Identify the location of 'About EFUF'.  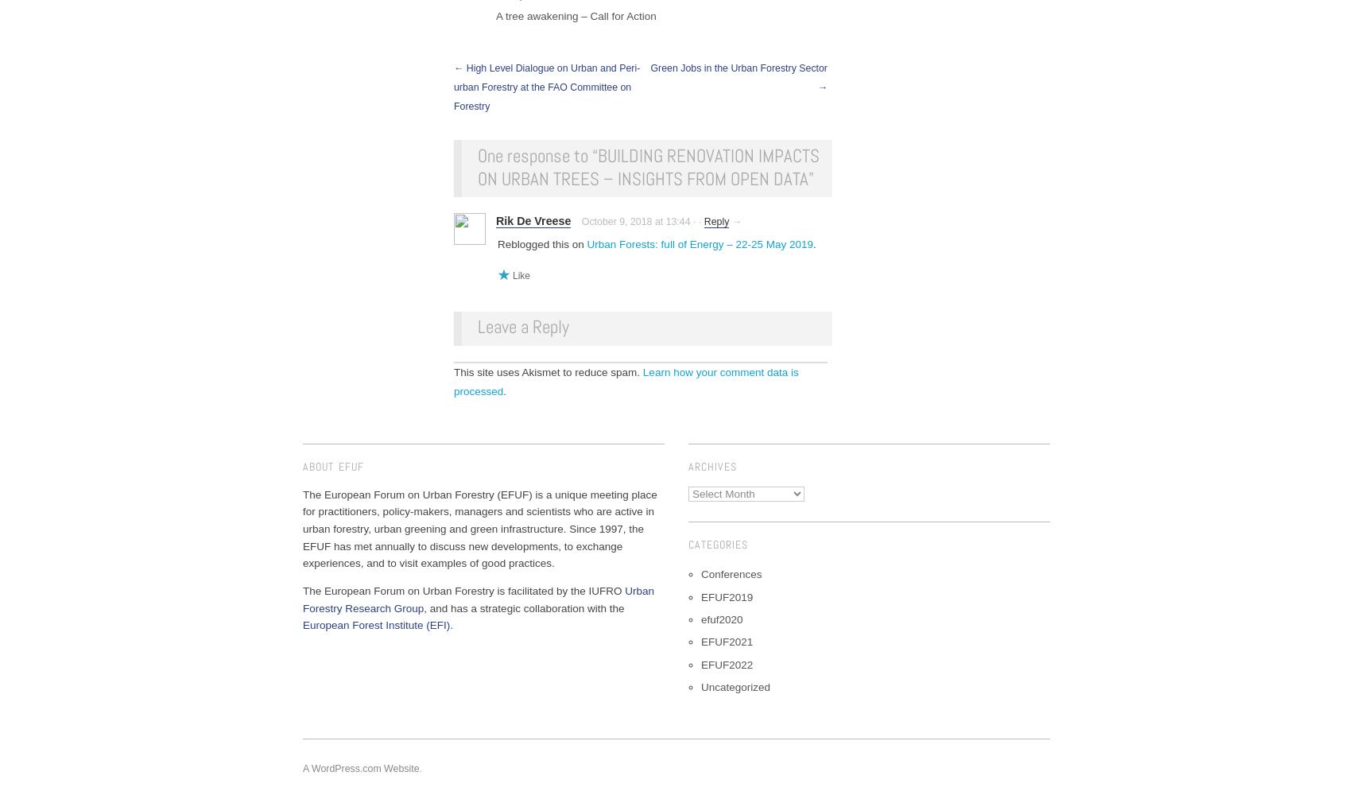
(303, 466).